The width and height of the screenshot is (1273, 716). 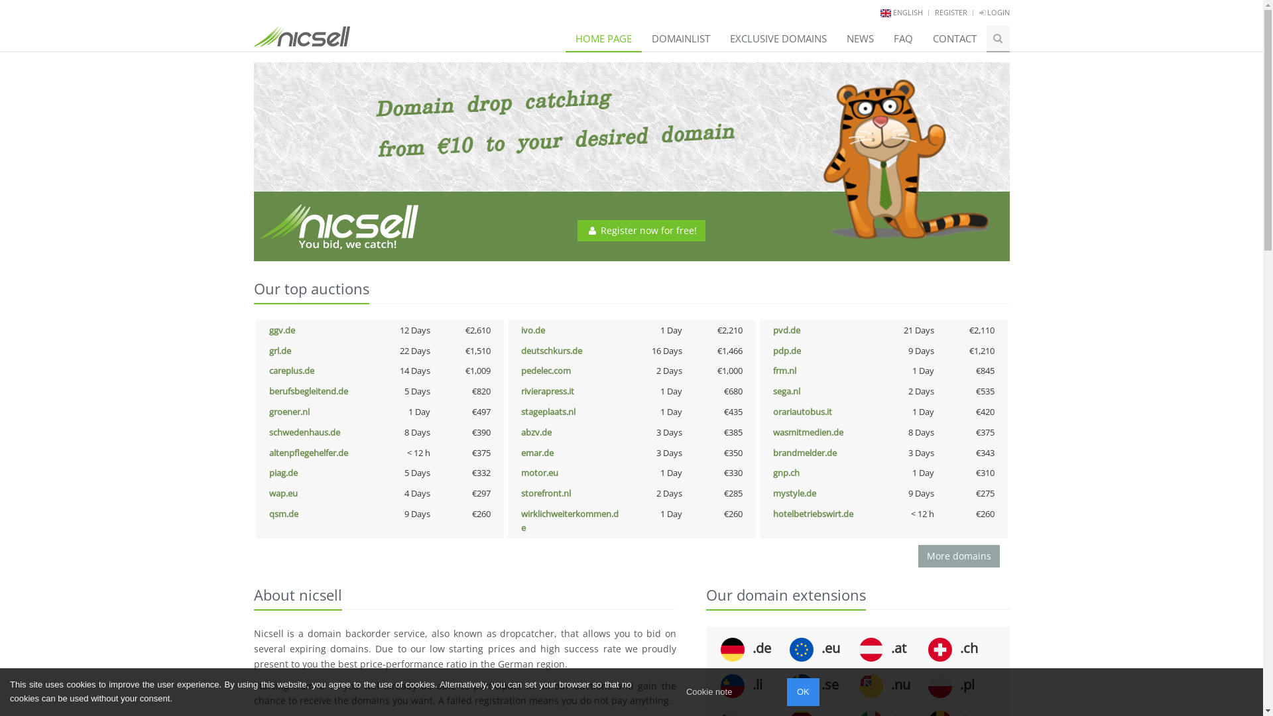 What do you see at coordinates (288, 411) in the screenshot?
I see `'groener.nl'` at bounding box center [288, 411].